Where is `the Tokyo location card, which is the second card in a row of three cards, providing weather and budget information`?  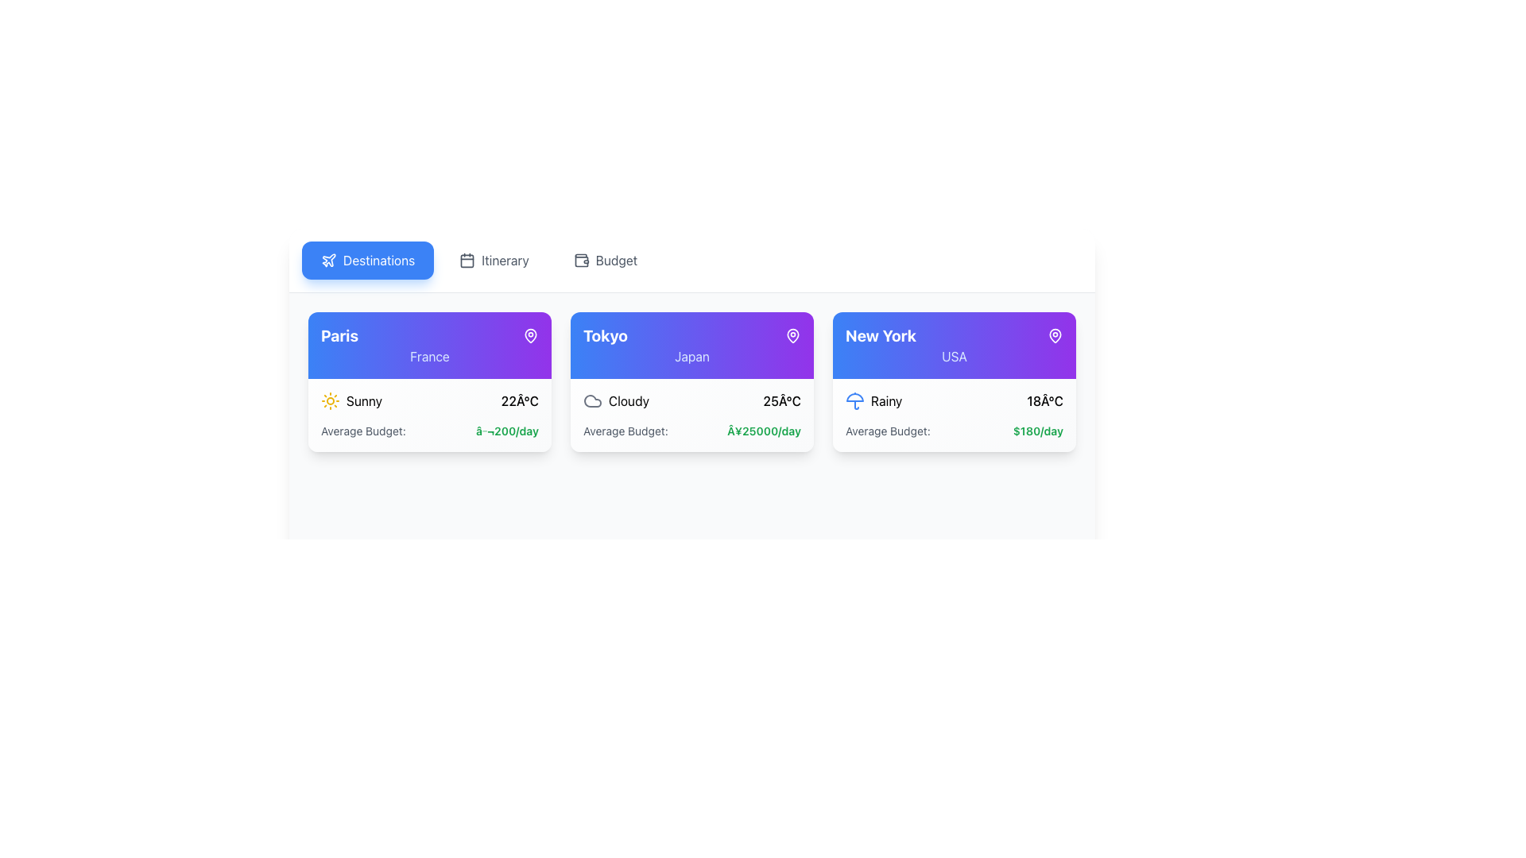
the Tokyo location card, which is the second card in a row of three cards, providing weather and budget information is located at coordinates (691, 345).